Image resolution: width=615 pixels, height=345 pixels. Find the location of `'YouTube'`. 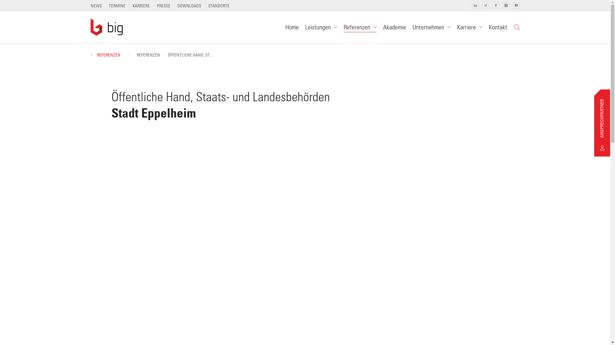

'YouTube' is located at coordinates (512, 5).